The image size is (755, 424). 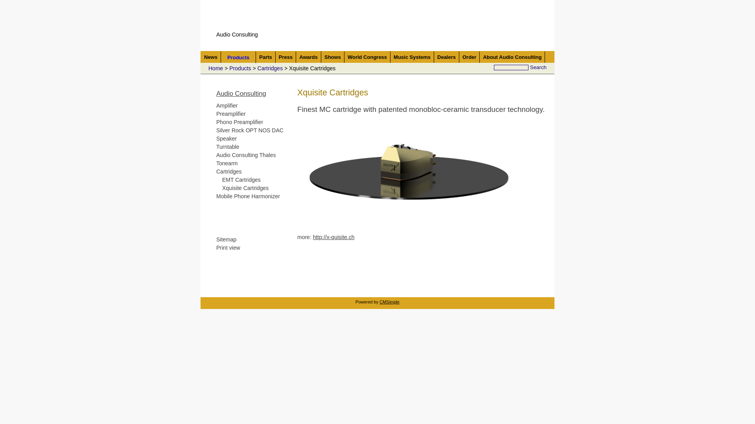 What do you see at coordinates (215, 68) in the screenshot?
I see `'Home'` at bounding box center [215, 68].